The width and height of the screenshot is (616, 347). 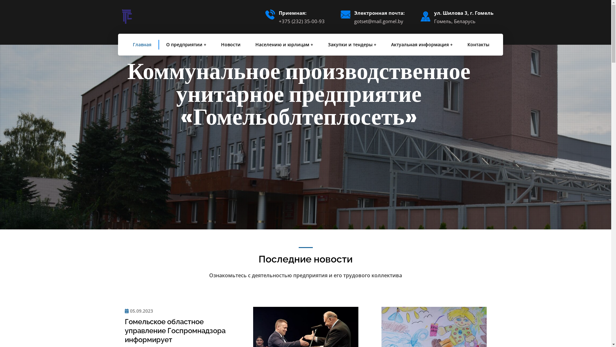 What do you see at coordinates (379, 21) in the screenshot?
I see `'gotset@mail.gomel.by'` at bounding box center [379, 21].